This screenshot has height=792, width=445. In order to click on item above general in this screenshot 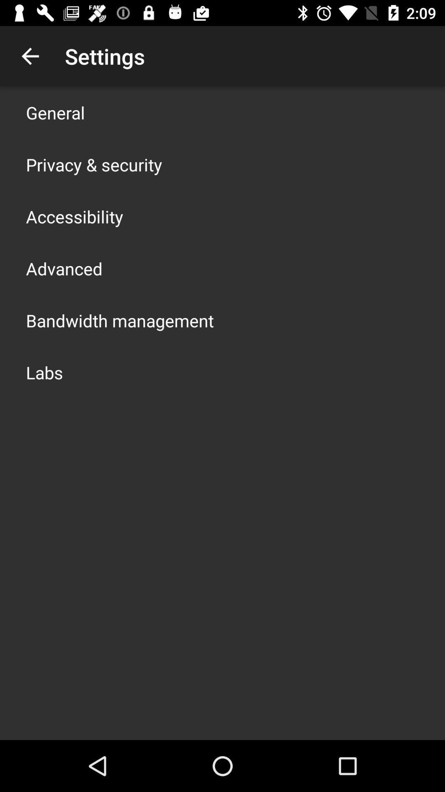, I will do `click(30, 56)`.